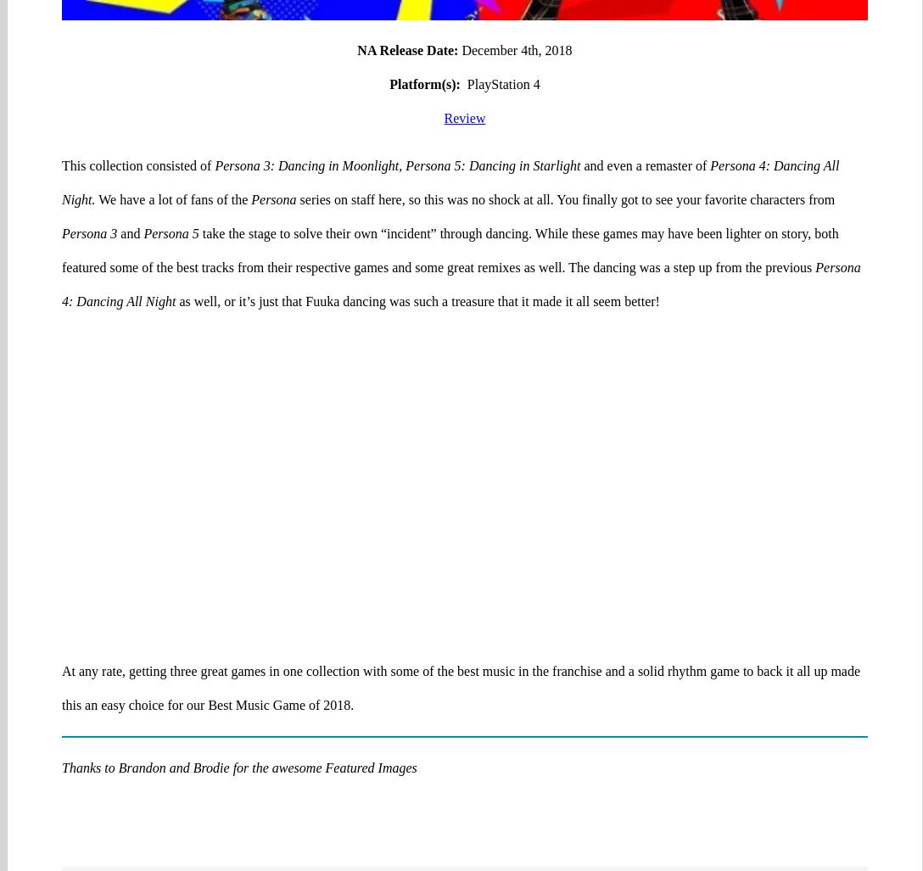 The image size is (923, 871). Describe the element at coordinates (460, 218) in the screenshot. I see `'Persona 4: Dancing All Night'` at that location.